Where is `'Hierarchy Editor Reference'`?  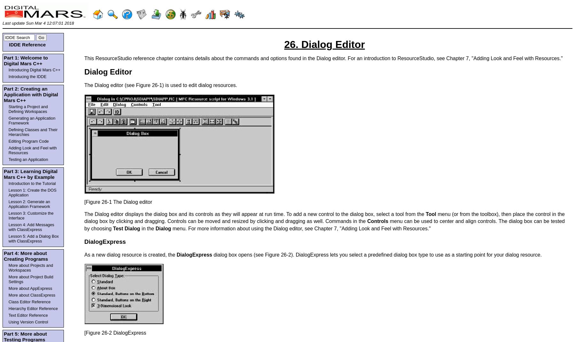
'Hierarchy Editor Reference' is located at coordinates (33, 308).